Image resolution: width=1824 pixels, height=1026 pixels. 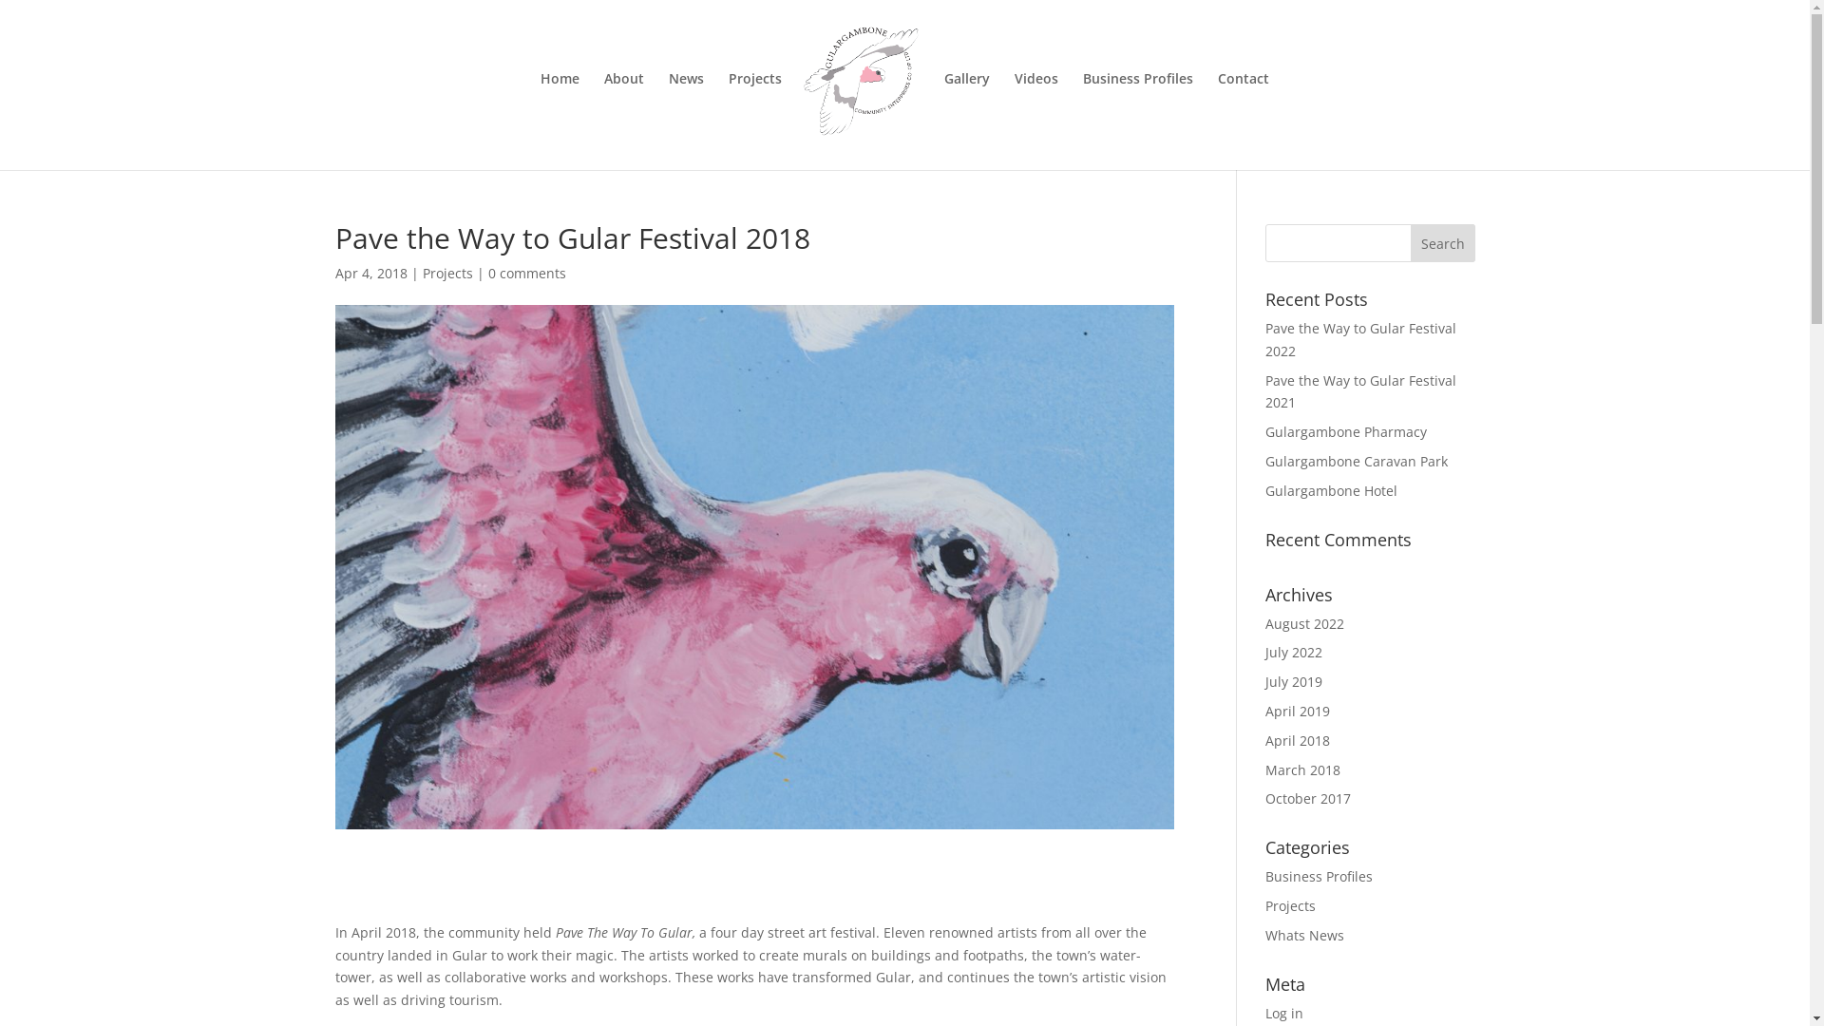 What do you see at coordinates (1035, 121) in the screenshot?
I see `'Videos'` at bounding box center [1035, 121].